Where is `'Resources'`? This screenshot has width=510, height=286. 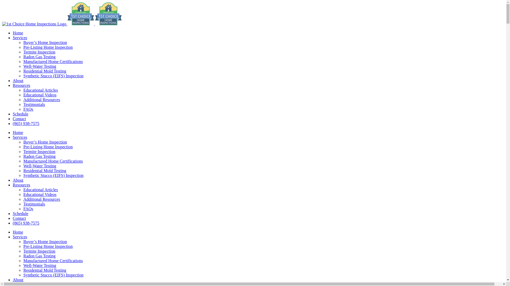 'Resources' is located at coordinates (21, 185).